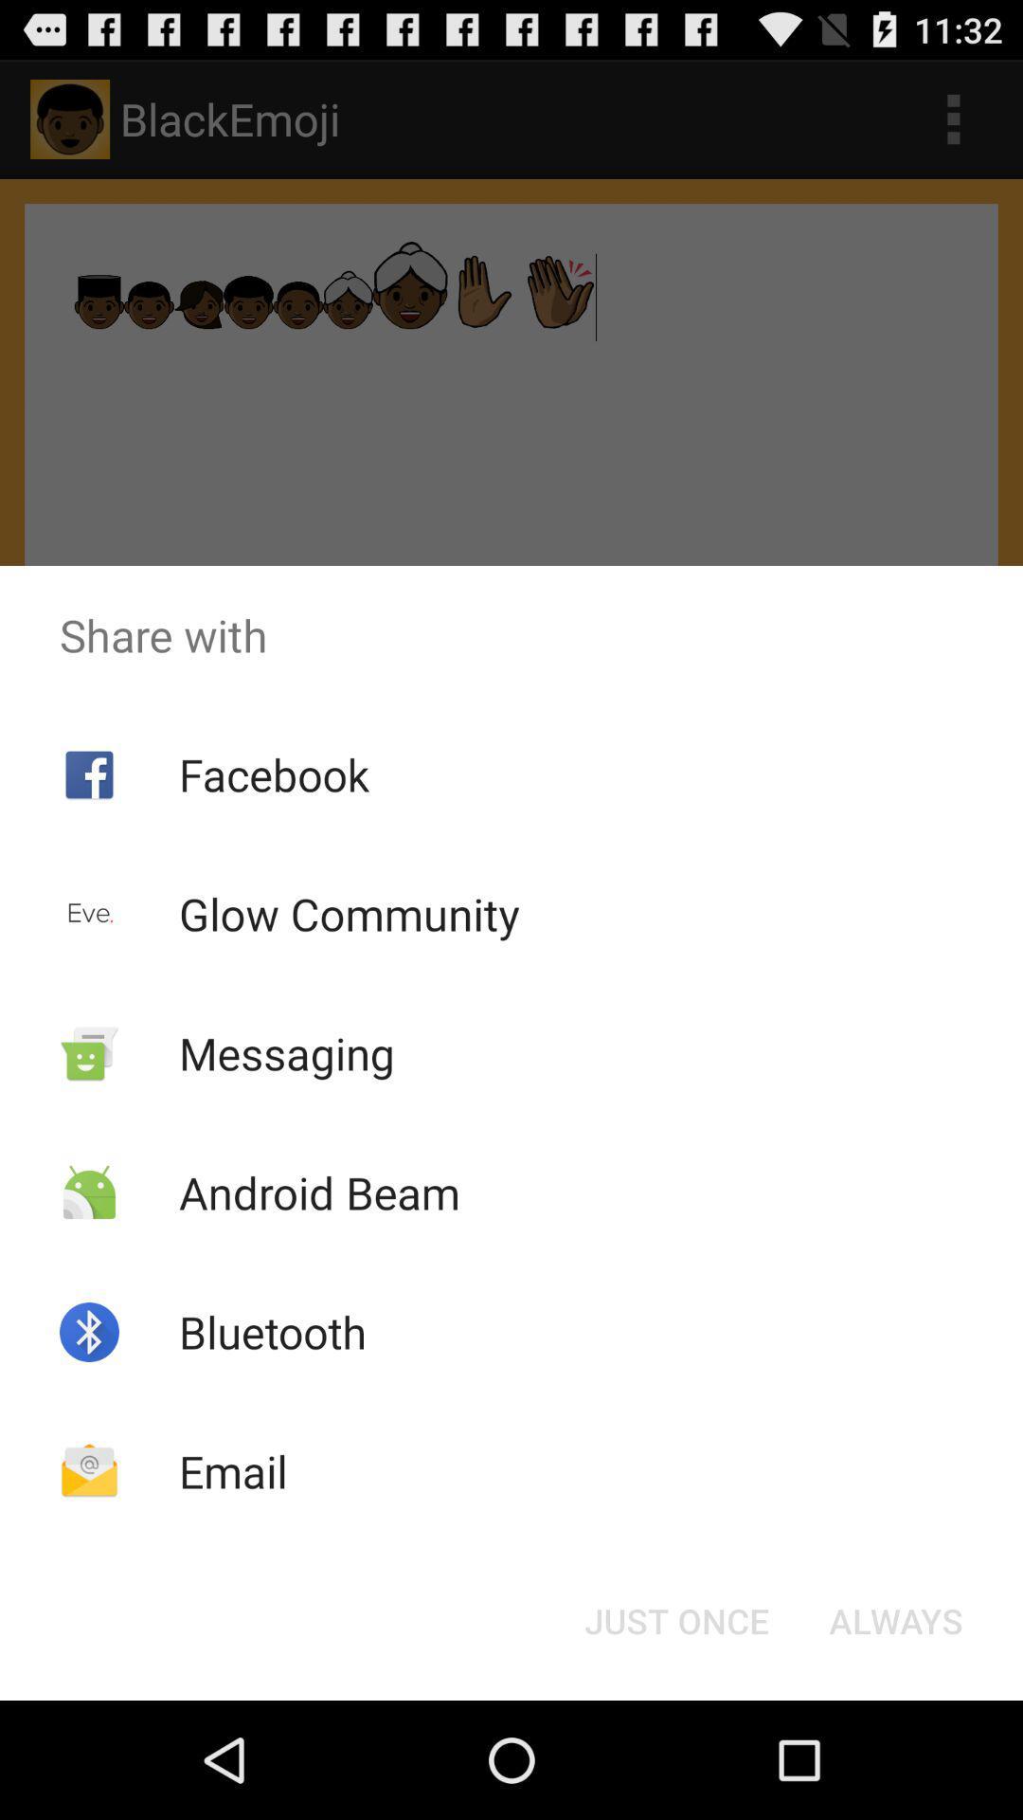 This screenshot has height=1820, width=1023. I want to click on item next to just once, so click(895, 1619).